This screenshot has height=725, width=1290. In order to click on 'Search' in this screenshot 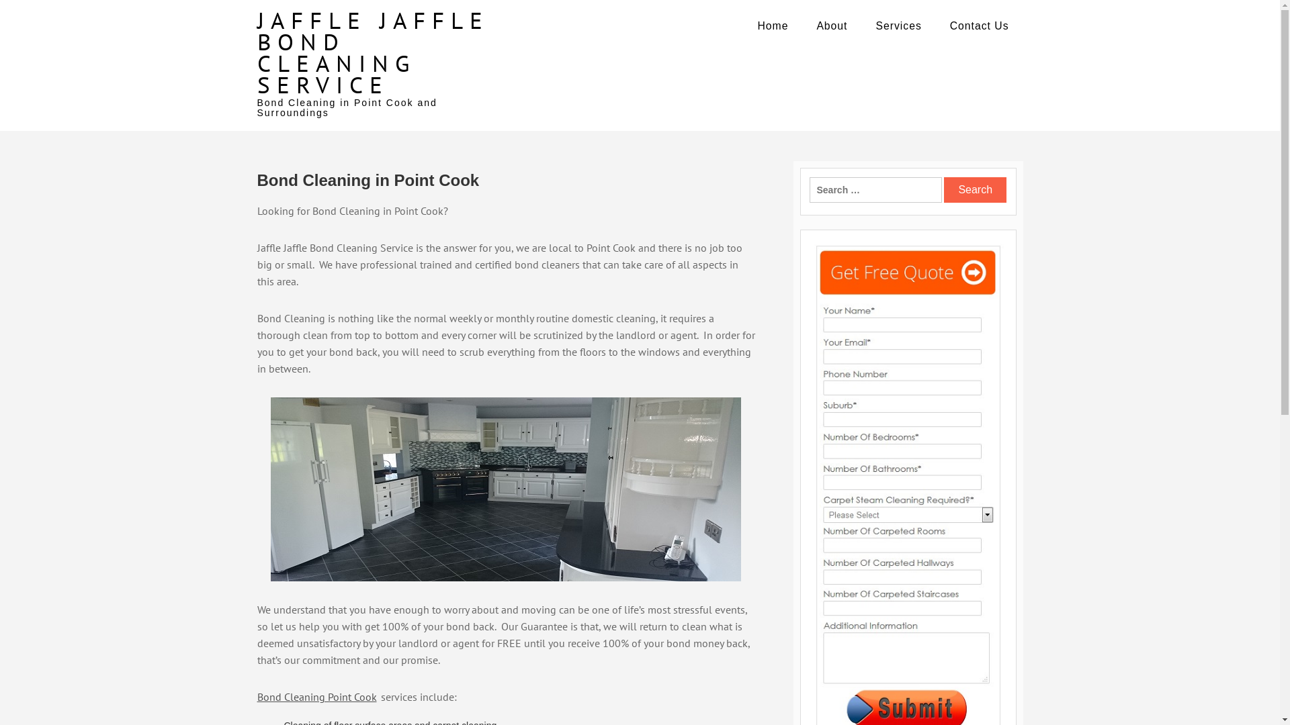, I will do `click(975, 189)`.